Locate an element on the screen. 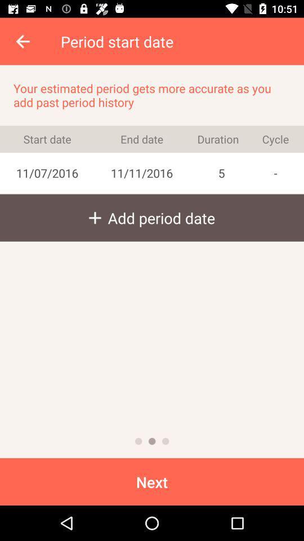 The width and height of the screenshot is (304, 541). go back is located at coordinates (138, 441).